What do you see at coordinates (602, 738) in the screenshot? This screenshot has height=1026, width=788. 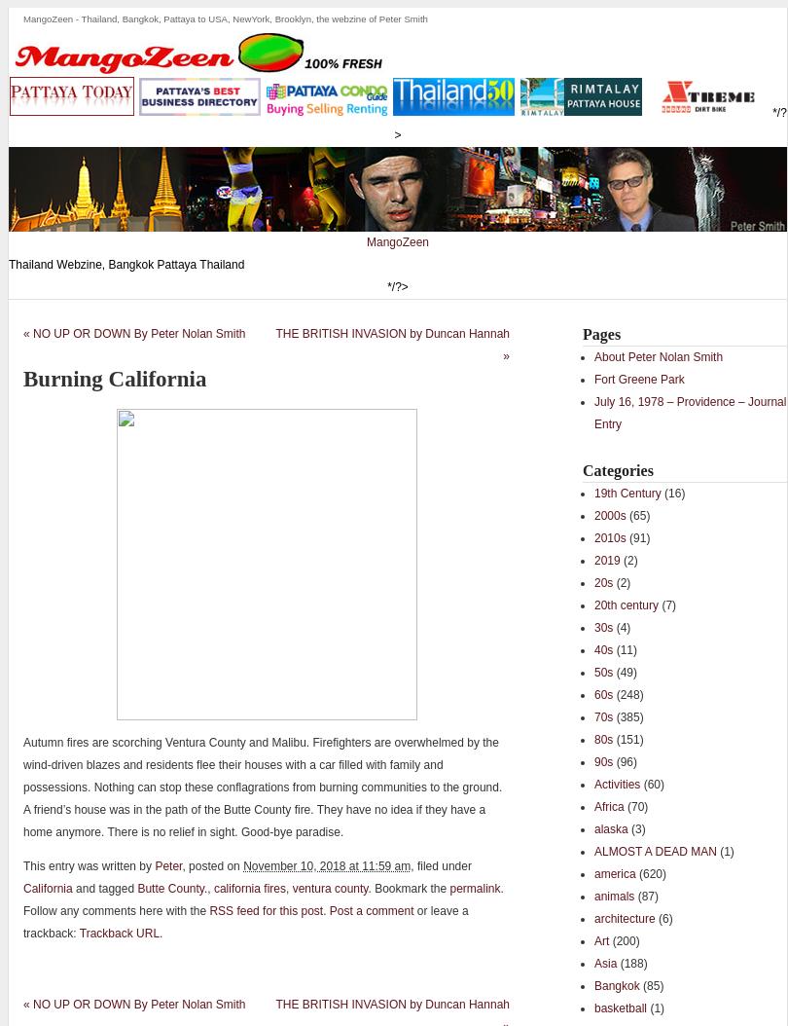 I see `'80s'` at bounding box center [602, 738].